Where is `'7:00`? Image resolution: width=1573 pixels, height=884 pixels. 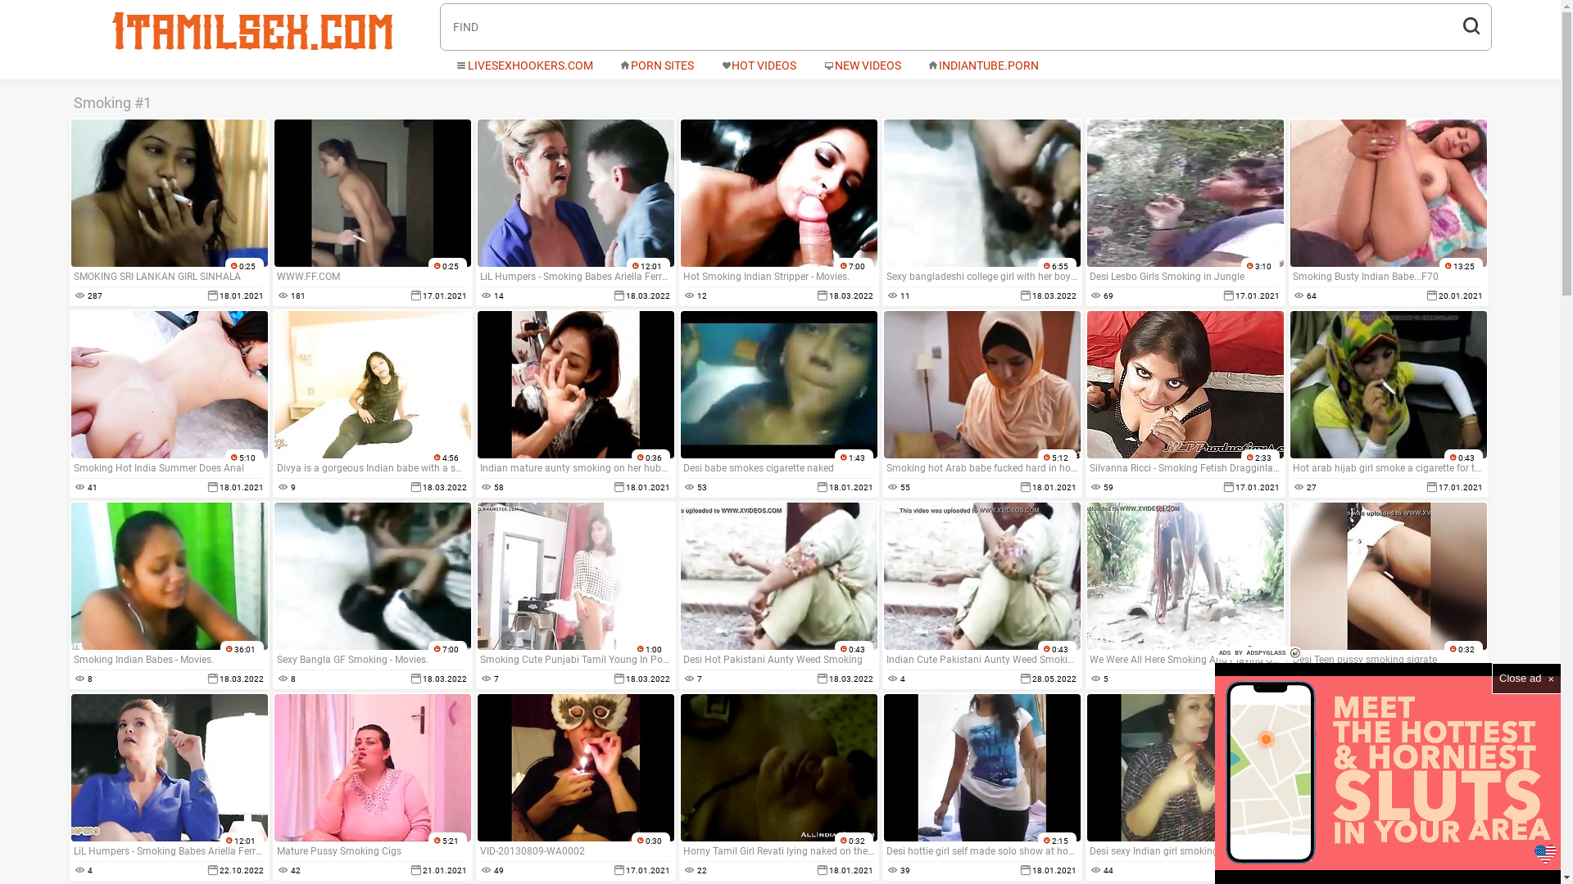 '7:00 is located at coordinates (371, 594).